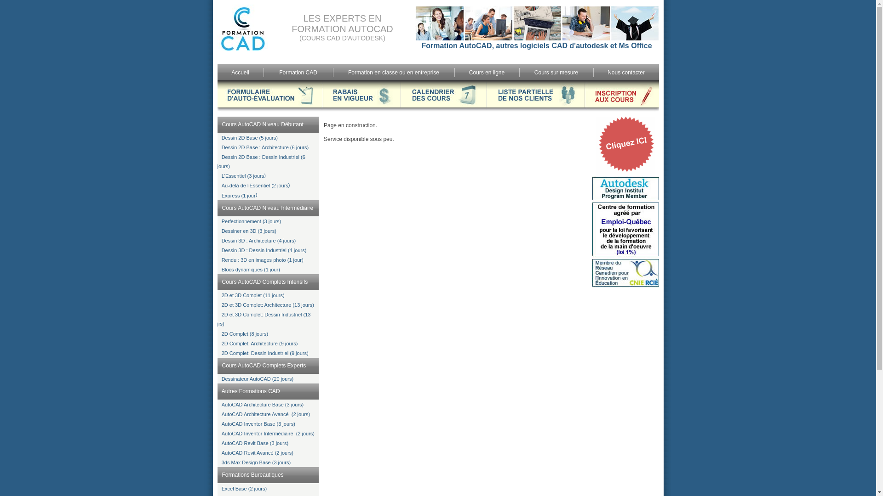 Image resolution: width=883 pixels, height=496 pixels. Describe the element at coordinates (221, 423) in the screenshot. I see `'AutoCAD Inventor Base (3 jours)'` at that location.